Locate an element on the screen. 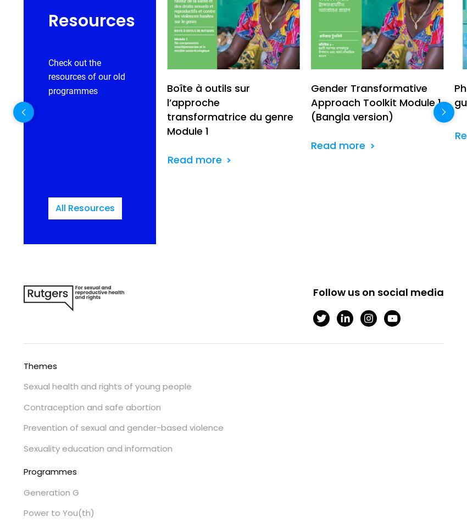 This screenshot has width=467, height=528. 'Power to You(th)' is located at coordinates (58, 513).